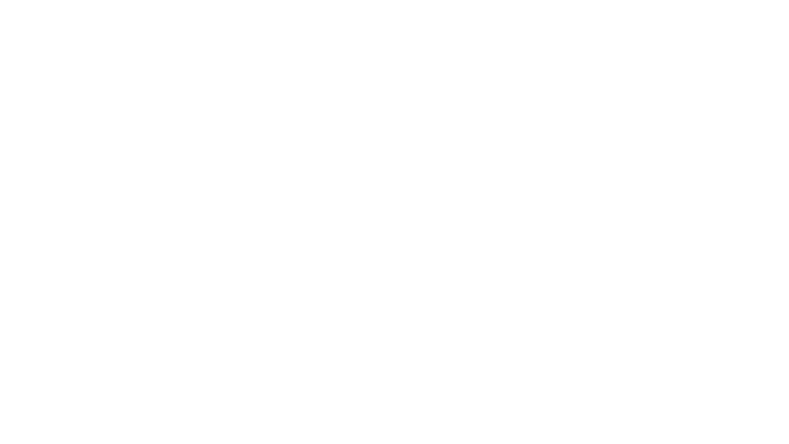 The image size is (789, 444). I want to click on Ryosuke Katayose, so click(197, 100).